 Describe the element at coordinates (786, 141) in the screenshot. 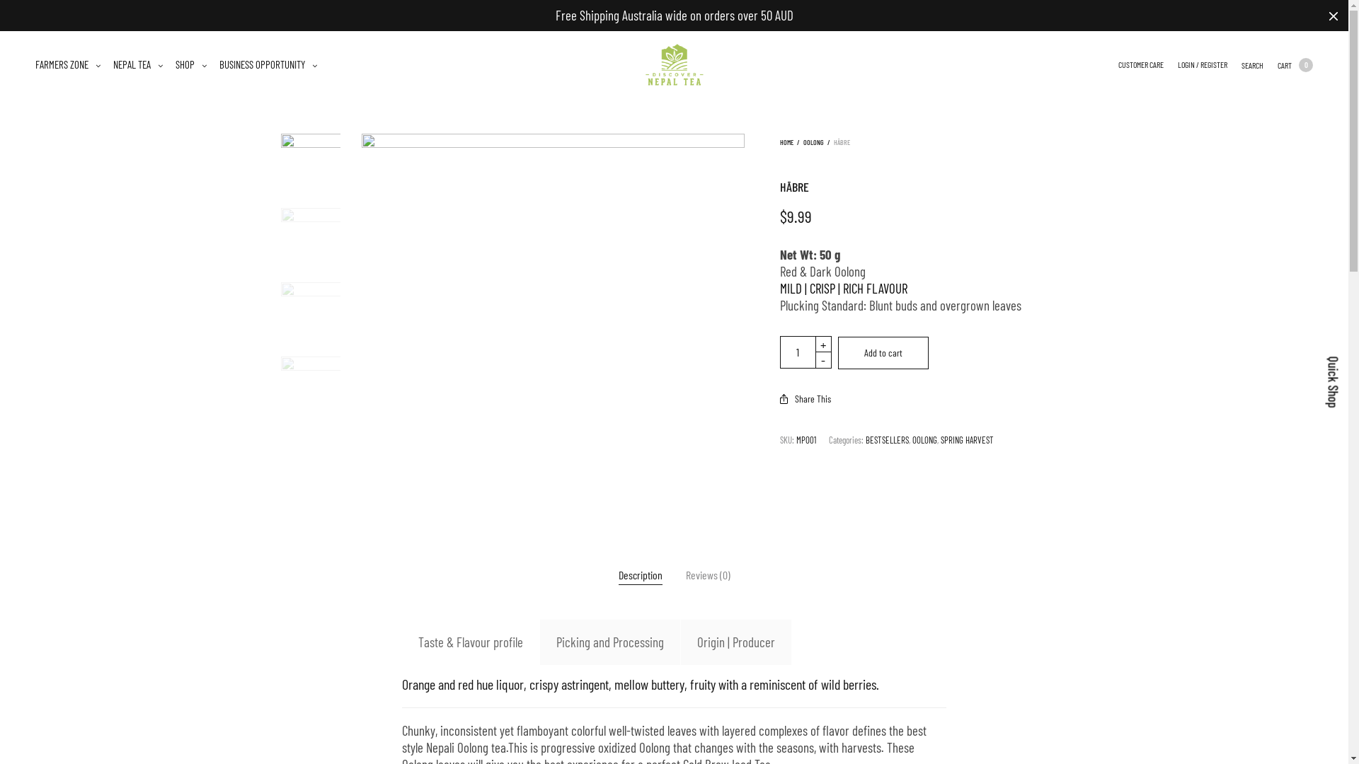

I see `'HOME'` at that location.